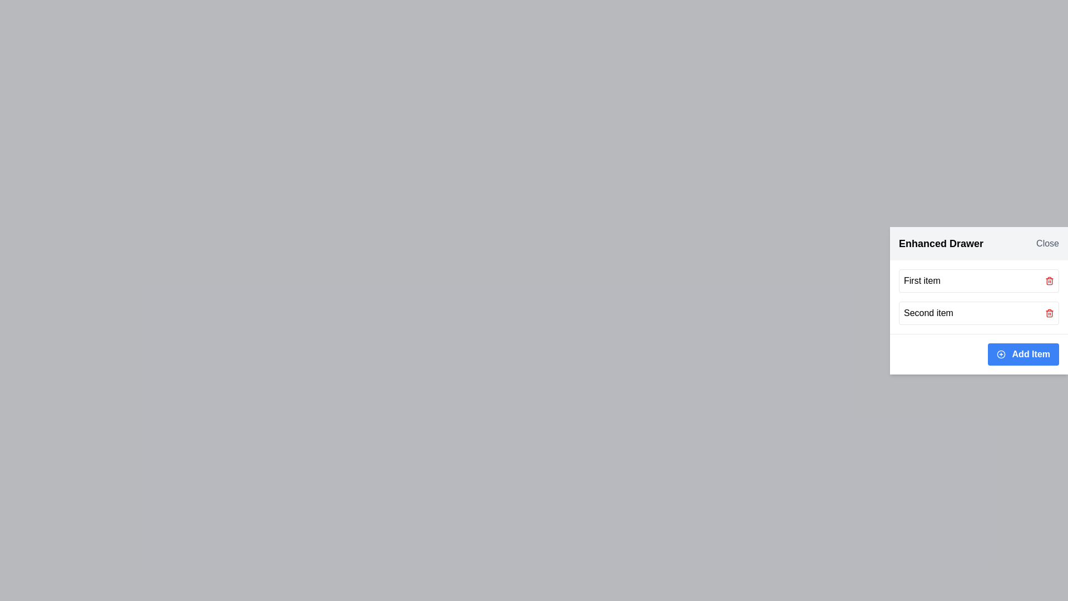 The image size is (1068, 601). Describe the element at coordinates (1001, 354) in the screenshot. I see `the icon representing the action of adding or creating an item, located at the left end of the 'Add Item' button` at that location.